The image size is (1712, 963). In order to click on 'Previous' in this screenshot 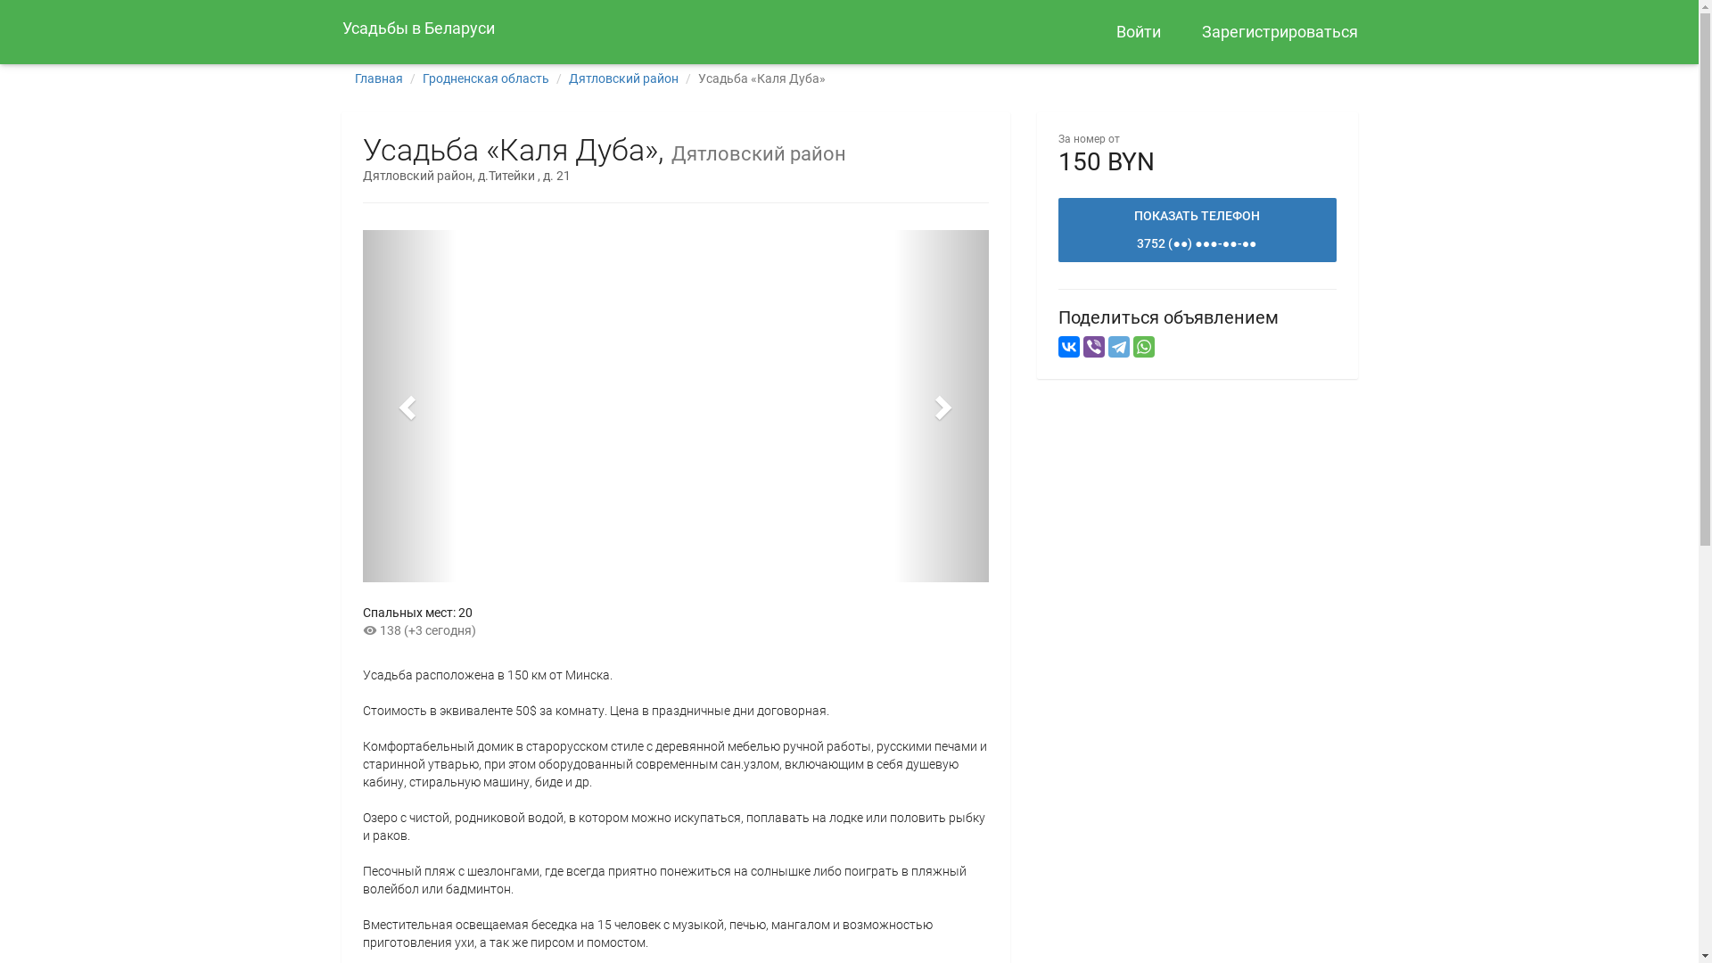, I will do `click(407, 406)`.